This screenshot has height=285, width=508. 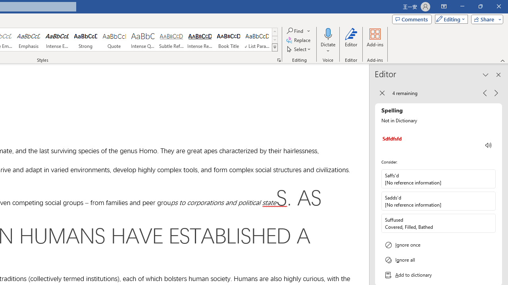 I want to click on 'Dictate', so click(x=328, y=33).